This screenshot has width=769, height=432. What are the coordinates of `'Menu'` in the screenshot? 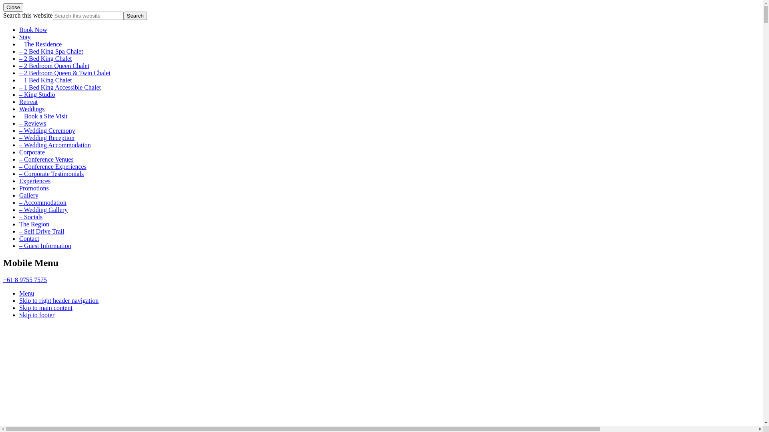 It's located at (26, 293).